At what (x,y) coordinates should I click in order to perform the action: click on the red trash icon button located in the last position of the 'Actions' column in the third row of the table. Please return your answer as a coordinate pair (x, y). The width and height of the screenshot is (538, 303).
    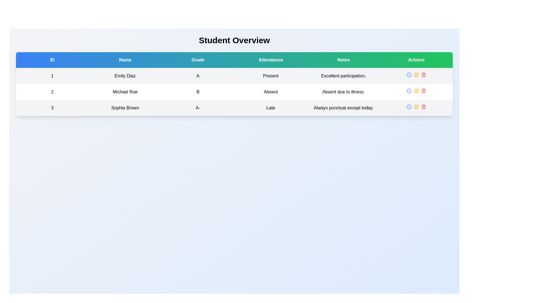
    Looking at the image, I should click on (424, 74).